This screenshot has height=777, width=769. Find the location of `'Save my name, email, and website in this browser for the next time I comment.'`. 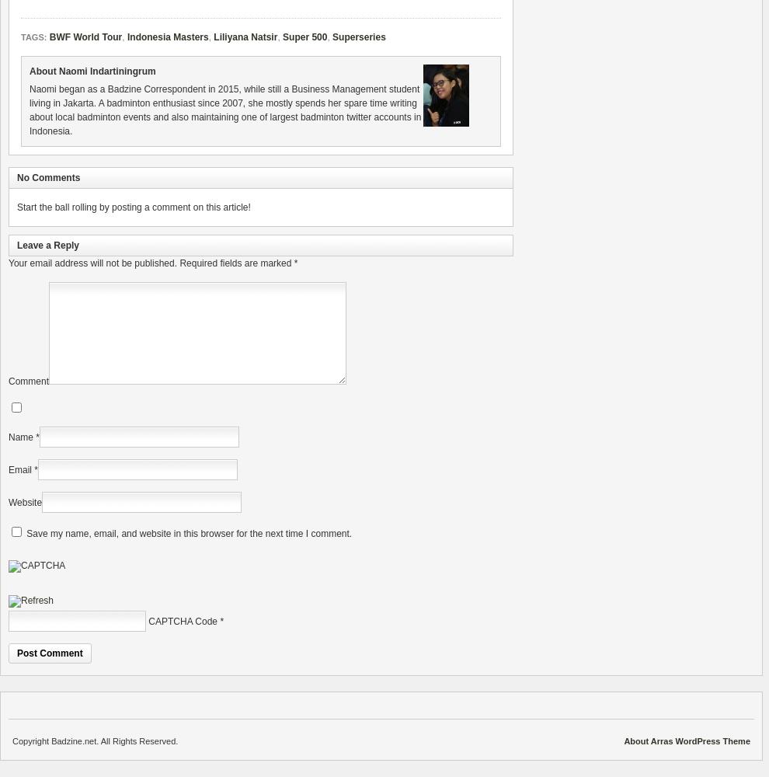

'Save my name, email, and website in this browser for the next time I comment.' is located at coordinates (25, 534).